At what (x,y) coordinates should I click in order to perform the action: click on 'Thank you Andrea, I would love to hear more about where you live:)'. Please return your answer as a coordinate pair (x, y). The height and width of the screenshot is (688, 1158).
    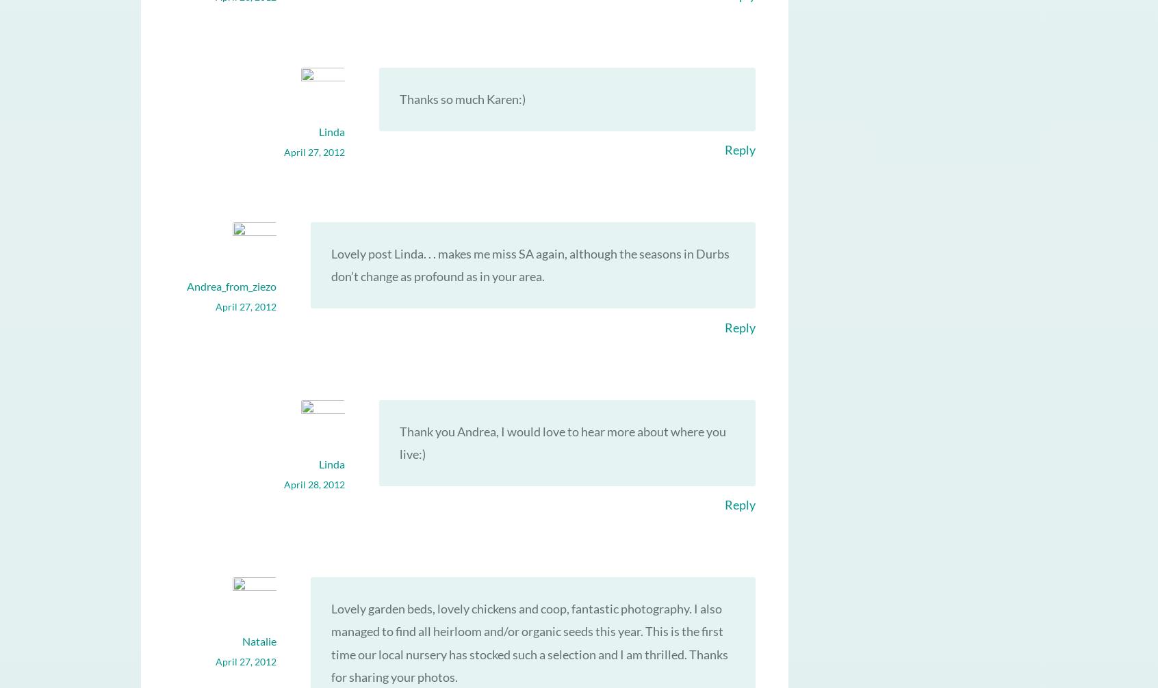
    Looking at the image, I should click on (562, 442).